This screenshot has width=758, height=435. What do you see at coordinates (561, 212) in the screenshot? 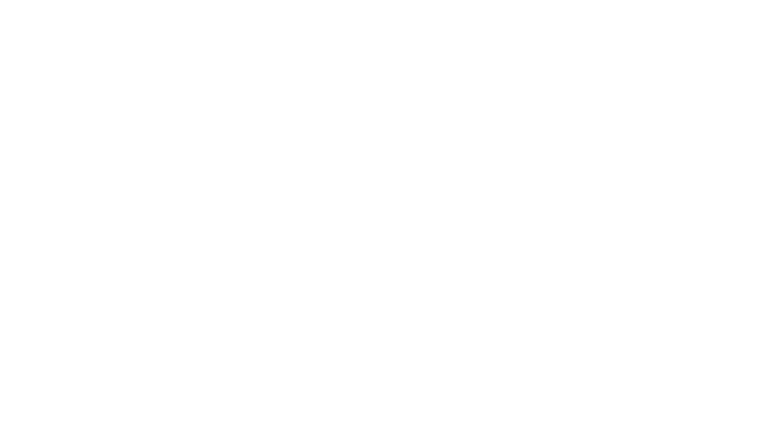
I see `'Careers'` at bounding box center [561, 212].